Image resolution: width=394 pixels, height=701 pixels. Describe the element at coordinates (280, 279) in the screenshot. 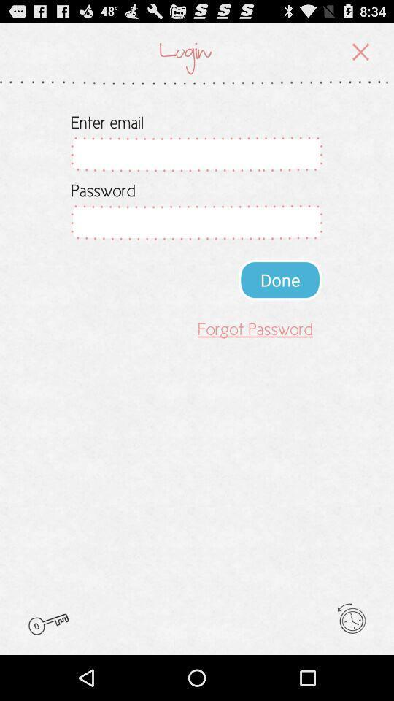

I see `icon above forgot password` at that location.